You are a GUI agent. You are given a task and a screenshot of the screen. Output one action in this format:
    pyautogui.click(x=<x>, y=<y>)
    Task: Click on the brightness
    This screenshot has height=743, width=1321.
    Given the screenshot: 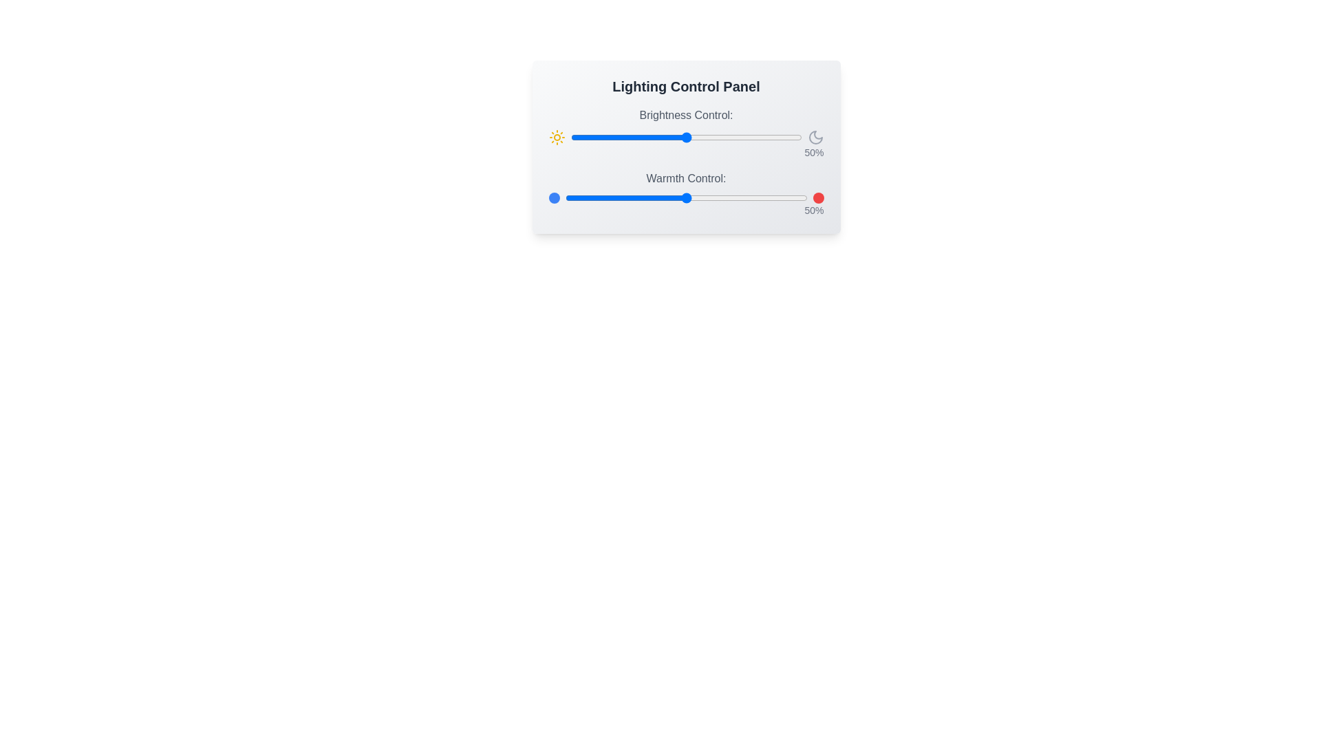 What is the action you would take?
    pyautogui.click(x=686, y=138)
    